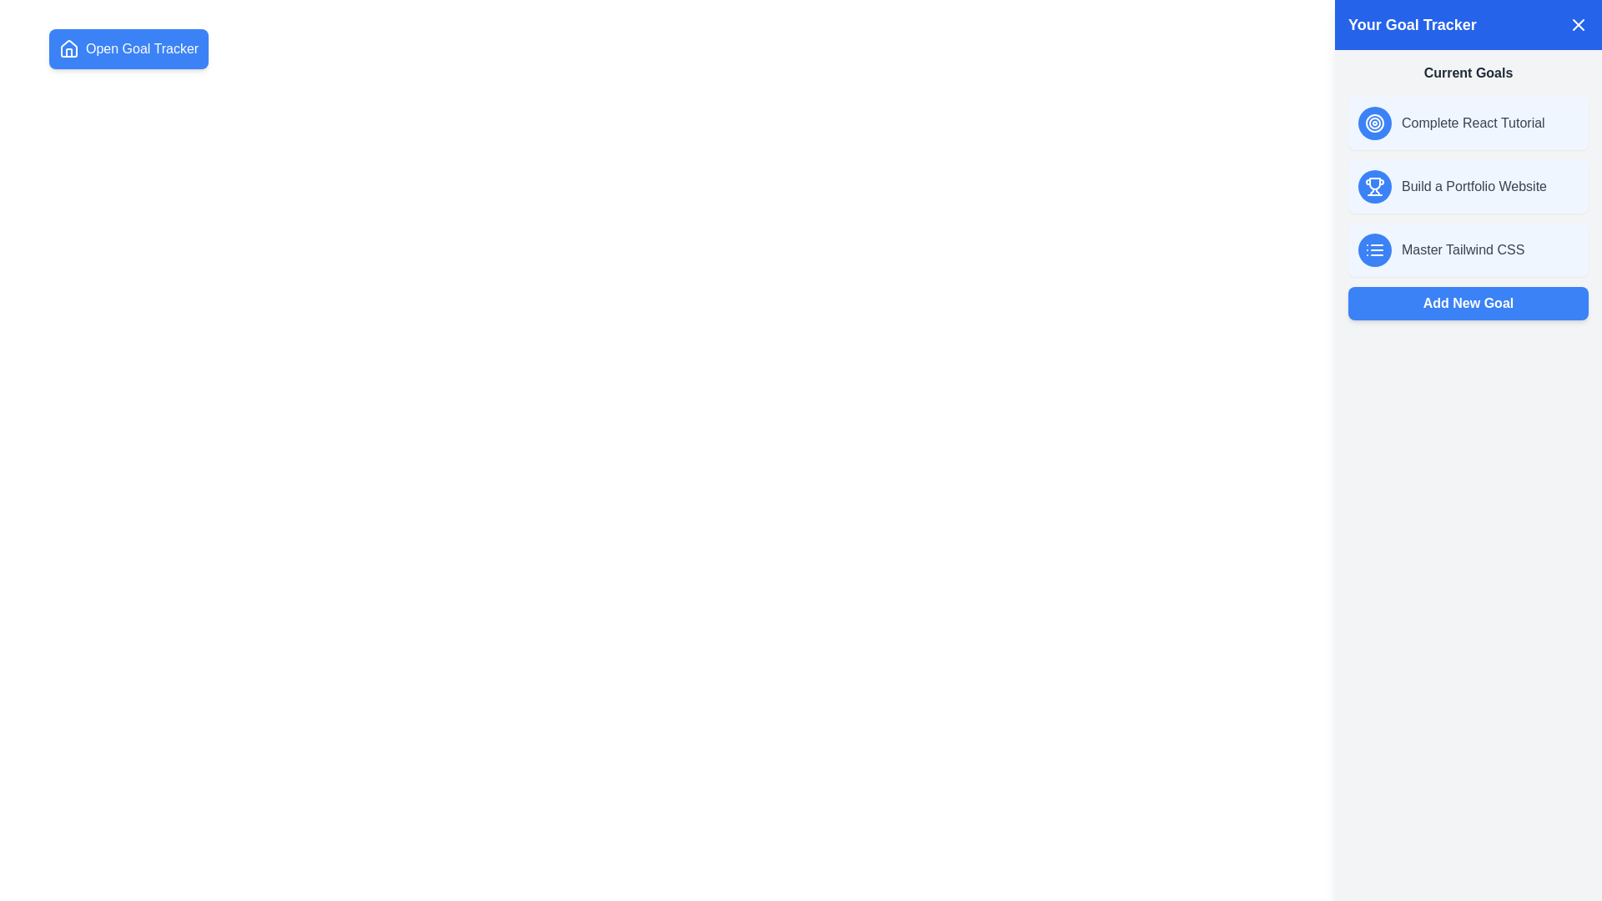 The height and width of the screenshot is (901, 1602). What do you see at coordinates (127, 48) in the screenshot?
I see `the 'Open Goal Tracker' button to toggle the drawer` at bounding box center [127, 48].